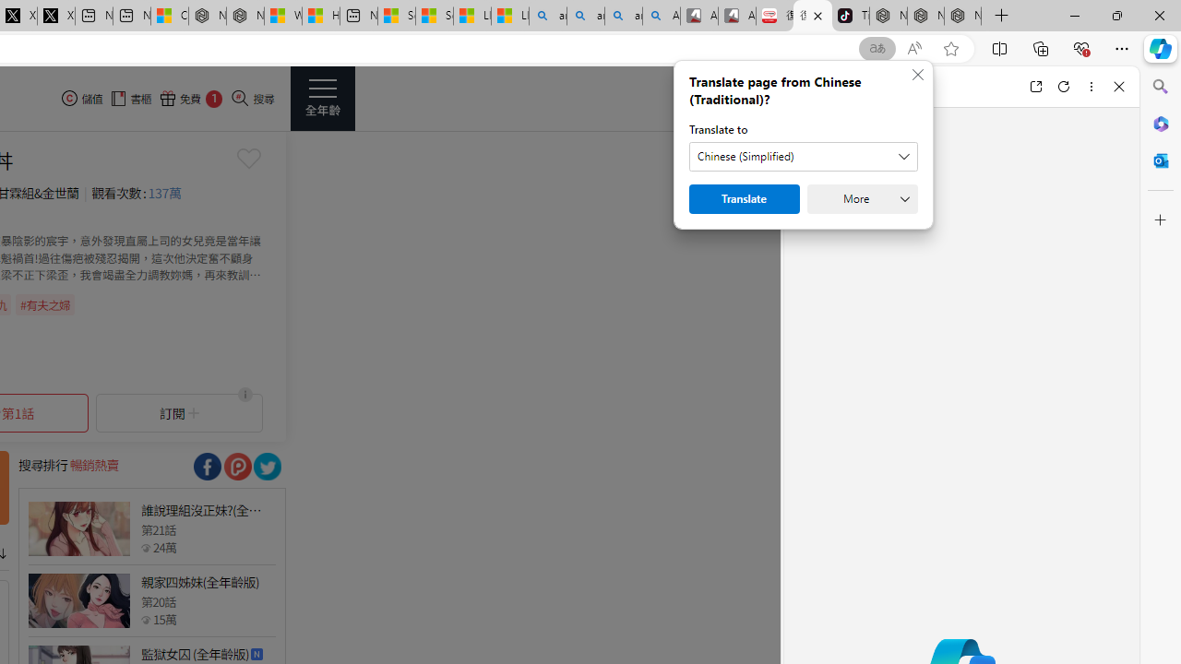 This screenshot has height=664, width=1181. What do you see at coordinates (1091, 86) in the screenshot?
I see `'More options'` at bounding box center [1091, 86].